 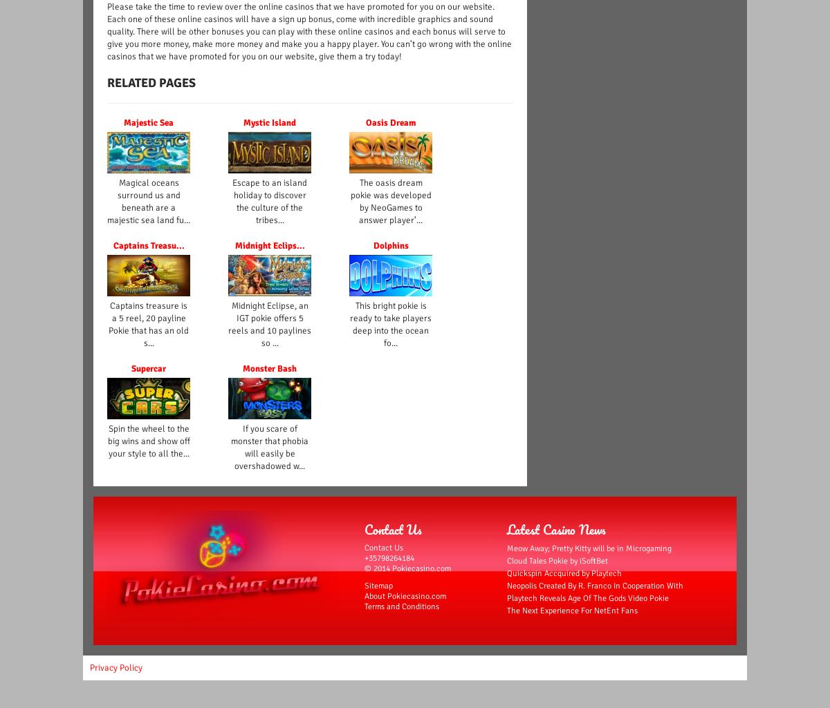 I want to click on 'The oasis dream pokie was developed by NeoGames to answer player’...', so click(x=389, y=202).